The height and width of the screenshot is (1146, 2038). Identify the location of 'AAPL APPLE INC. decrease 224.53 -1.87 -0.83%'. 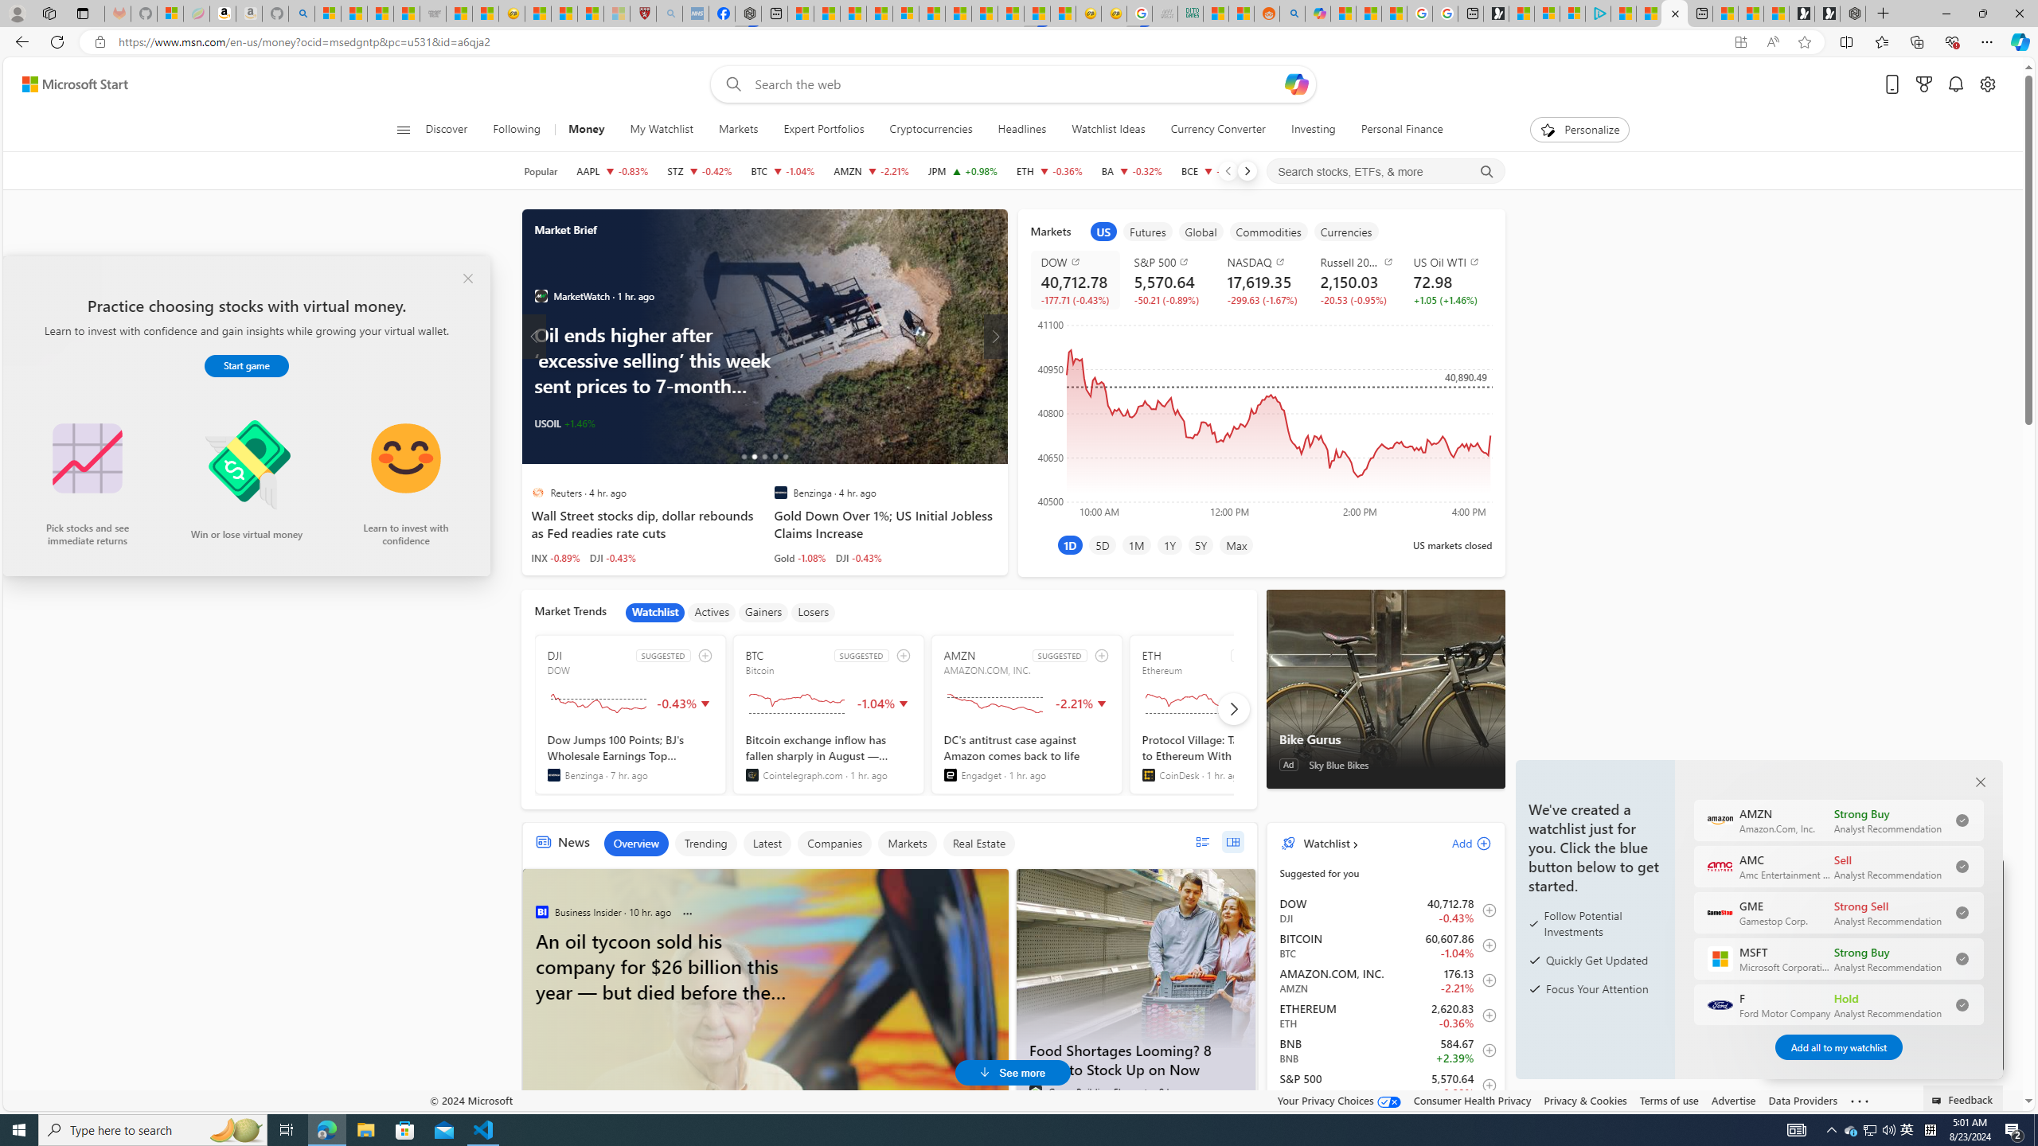
(612, 170).